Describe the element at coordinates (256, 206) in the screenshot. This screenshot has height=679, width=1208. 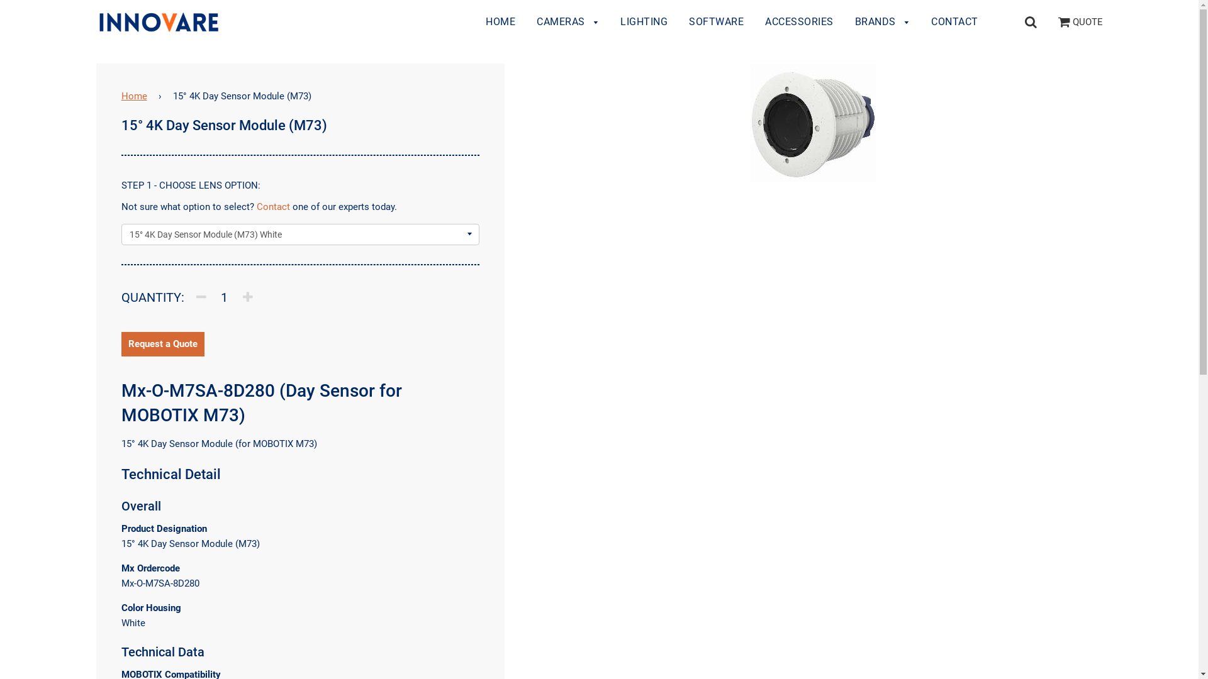
I see `'Contact'` at that location.